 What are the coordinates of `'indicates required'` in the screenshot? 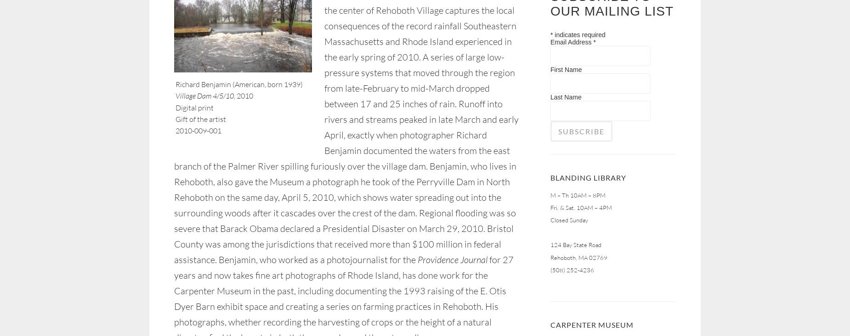 It's located at (578, 34).